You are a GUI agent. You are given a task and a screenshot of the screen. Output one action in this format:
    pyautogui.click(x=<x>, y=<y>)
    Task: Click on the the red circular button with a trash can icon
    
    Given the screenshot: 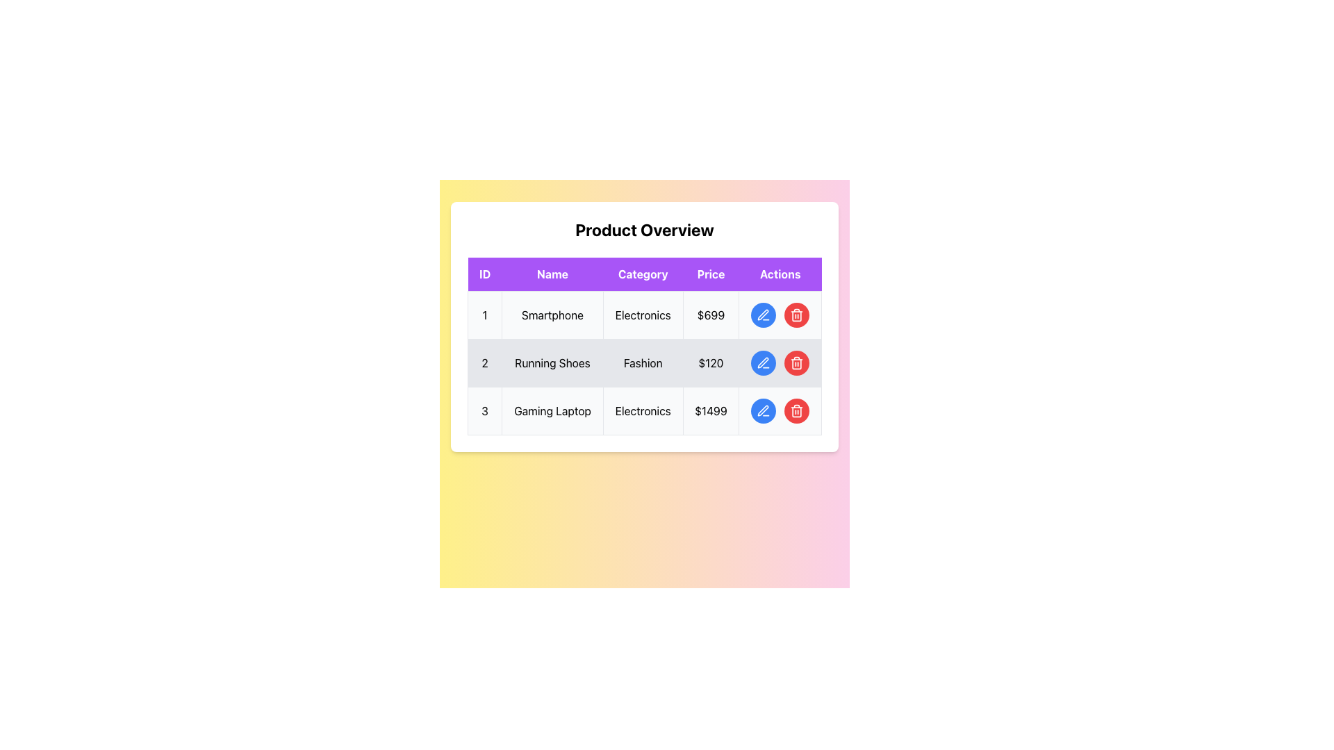 What is the action you would take?
    pyautogui.click(x=780, y=410)
    